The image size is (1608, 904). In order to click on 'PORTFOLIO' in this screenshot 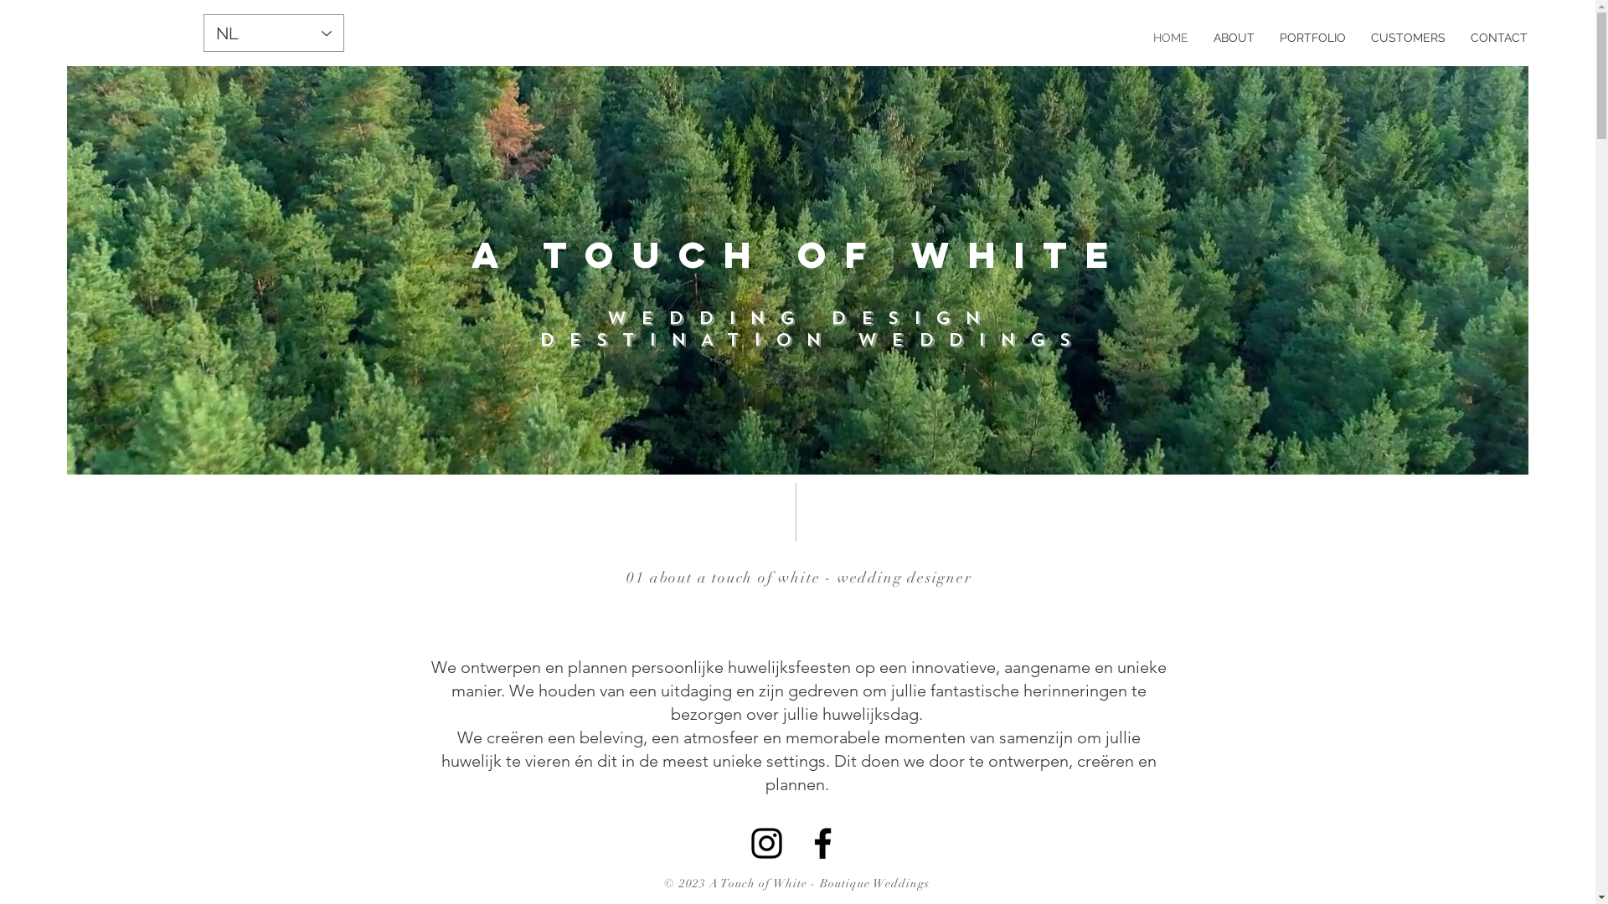, I will do `click(1266, 38)`.